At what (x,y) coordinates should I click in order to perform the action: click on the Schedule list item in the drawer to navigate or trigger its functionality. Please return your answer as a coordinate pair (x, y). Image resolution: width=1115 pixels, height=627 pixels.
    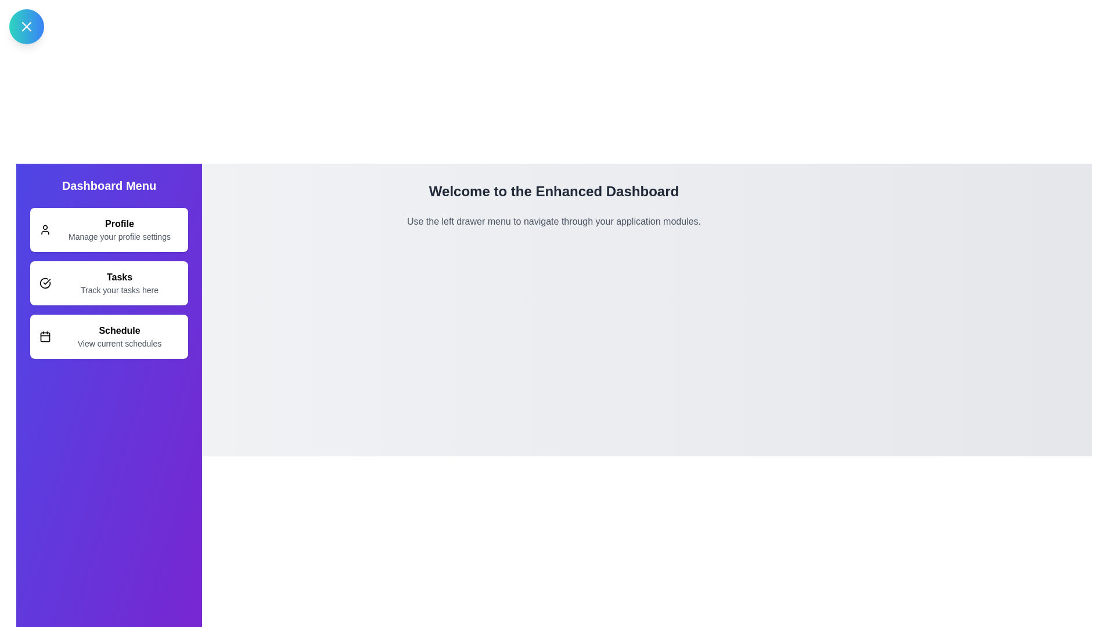
    Looking at the image, I should click on (109, 336).